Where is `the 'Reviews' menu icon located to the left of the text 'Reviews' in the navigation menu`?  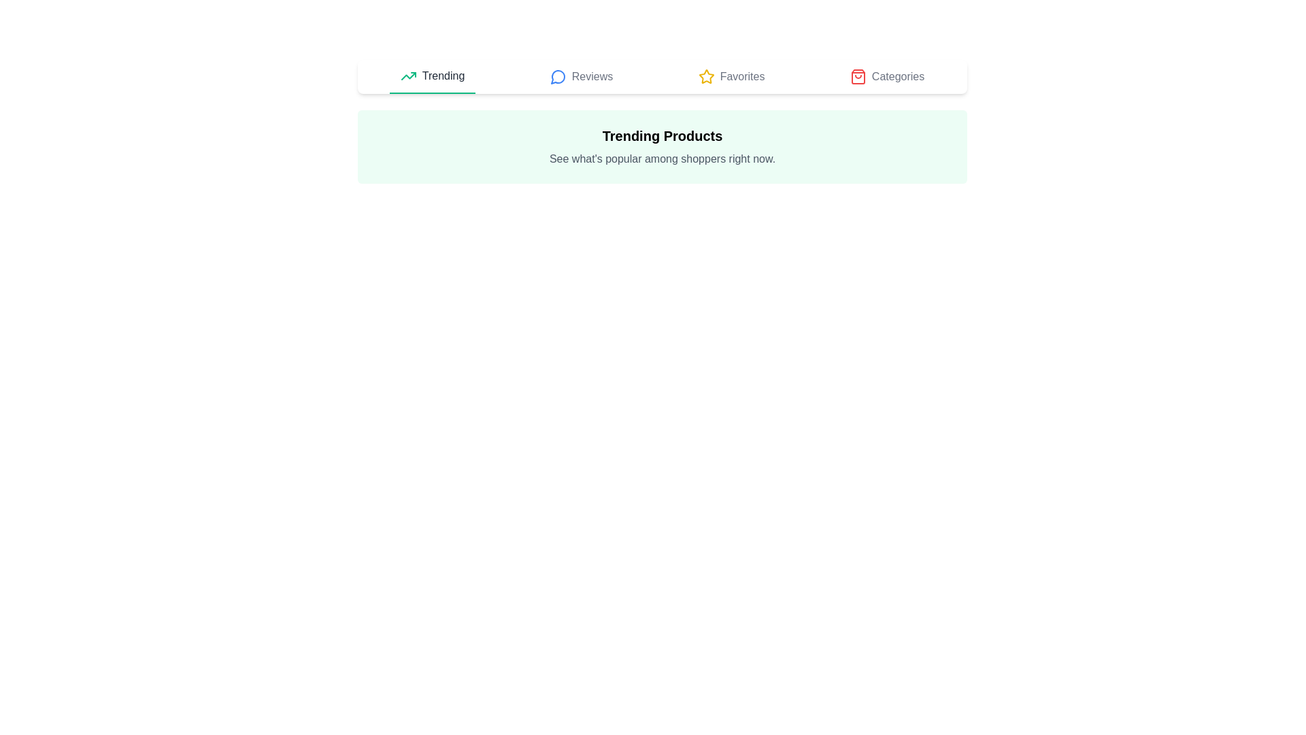 the 'Reviews' menu icon located to the left of the text 'Reviews' in the navigation menu is located at coordinates (558, 76).